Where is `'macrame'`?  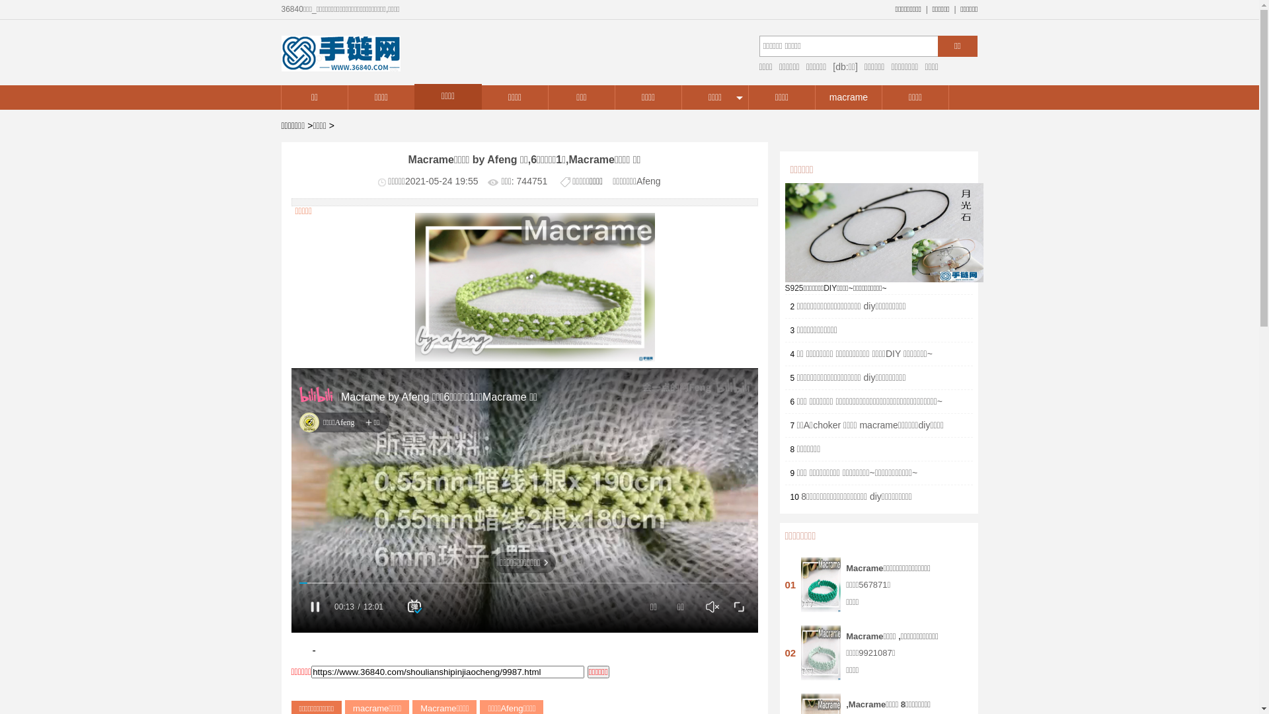
'macrame' is located at coordinates (814, 97).